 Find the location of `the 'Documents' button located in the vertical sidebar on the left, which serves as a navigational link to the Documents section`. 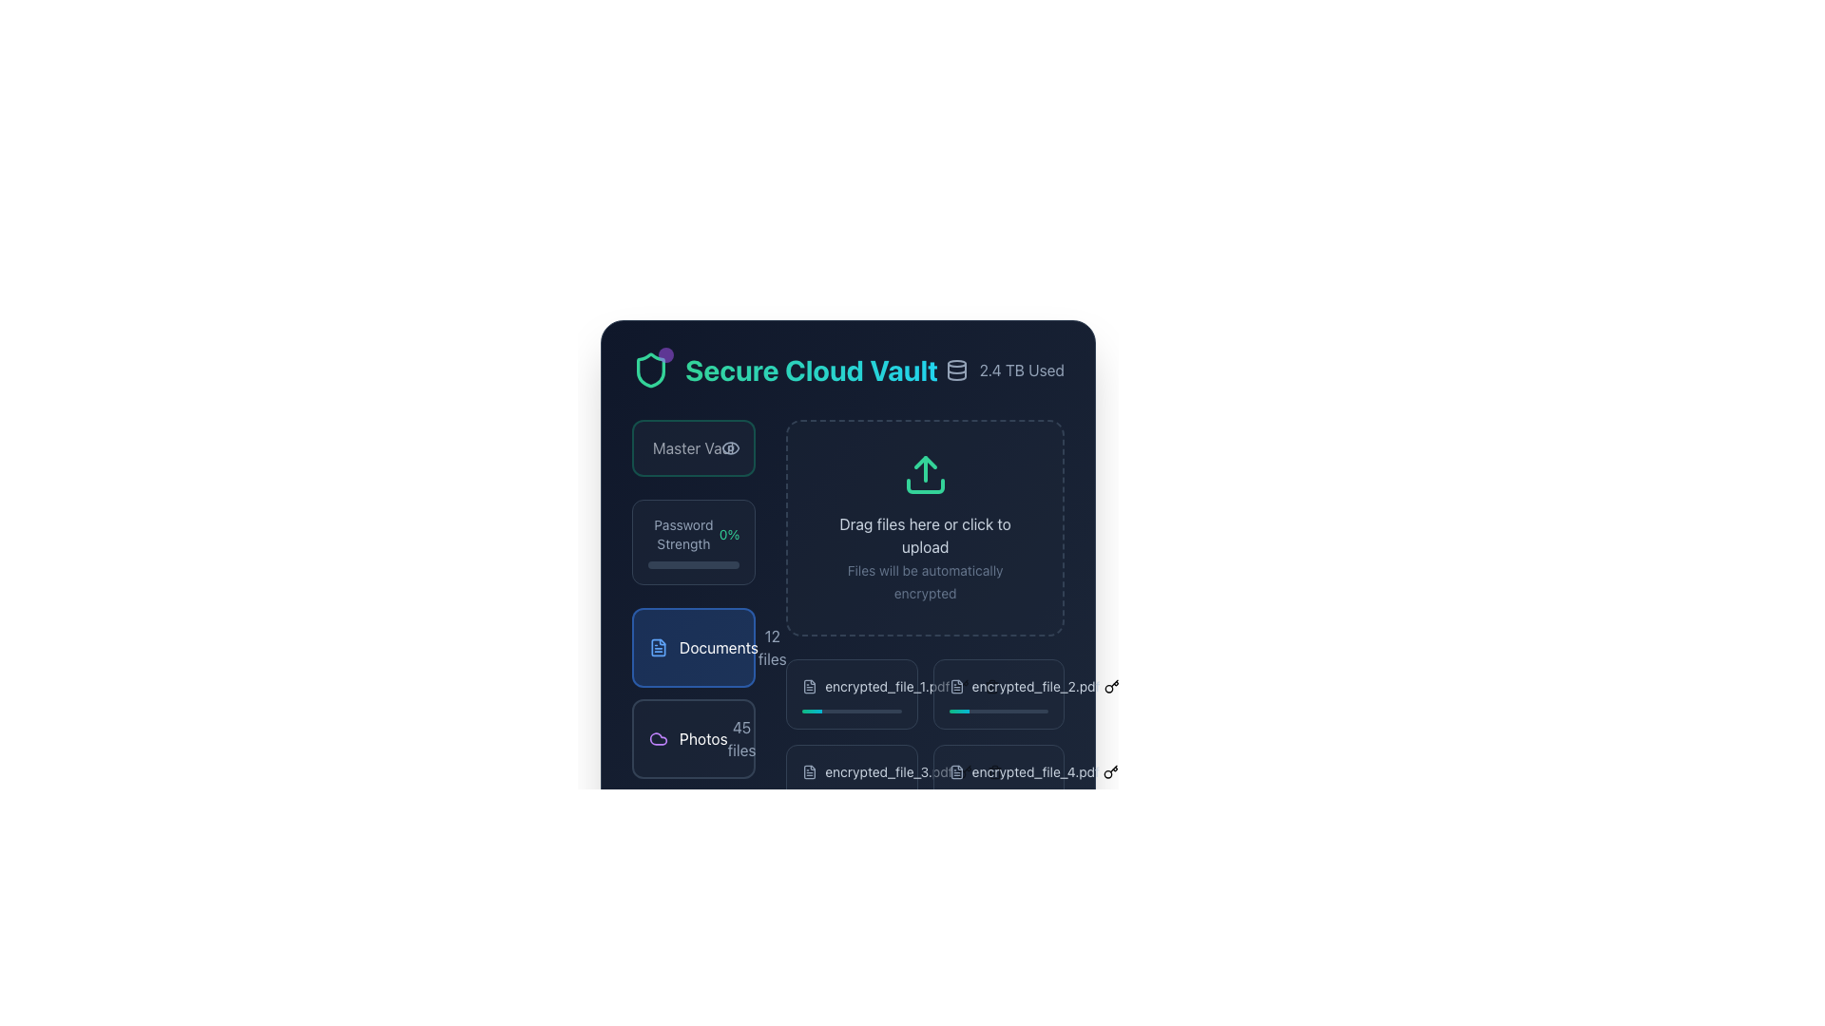

the 'Documents' button located in the vertical sidebar on the left, which serves as a navigational link to the Documents section is located at coordinates (702, 647).